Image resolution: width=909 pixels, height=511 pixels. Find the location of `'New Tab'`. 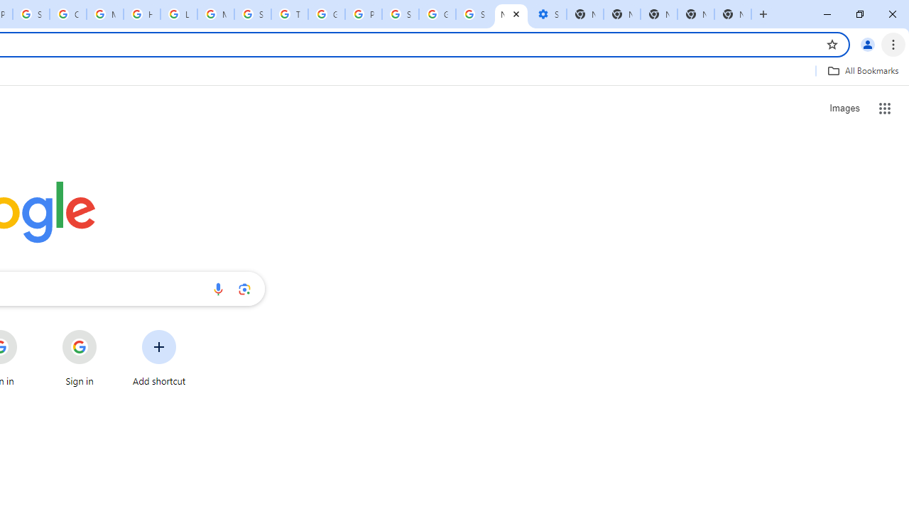

'New Tab' is located at coordinates (695, 14).